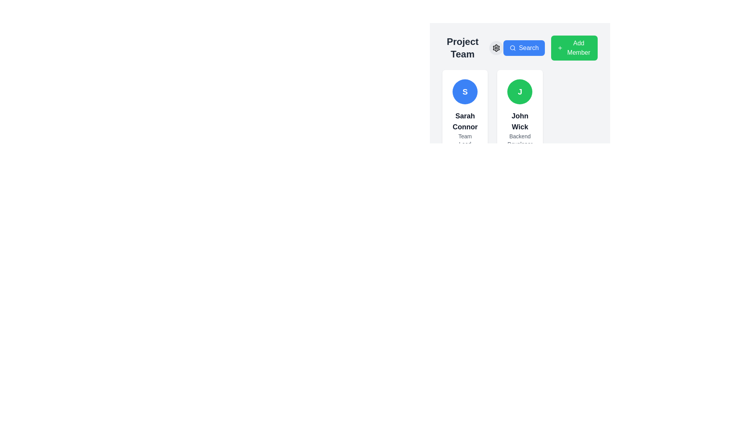 Image resolution: width=751 pixels, height=422 pixels. What do you see at coordinates (496, 48) in the screenshot?
I see `the gear-shaped icon located at the top section of the layout` at bounding box center [496, 48].